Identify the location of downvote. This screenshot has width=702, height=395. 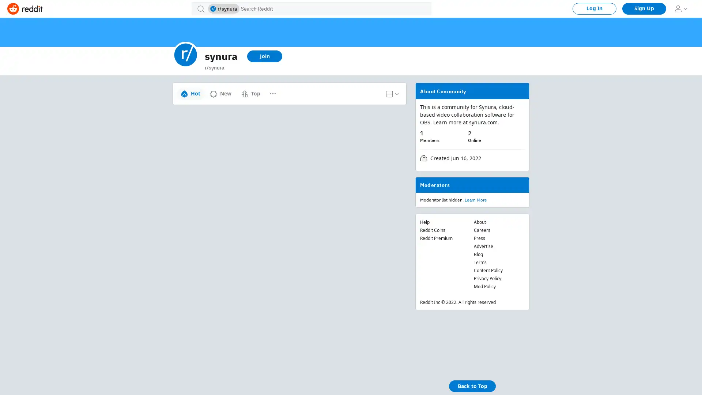
(180, 136).